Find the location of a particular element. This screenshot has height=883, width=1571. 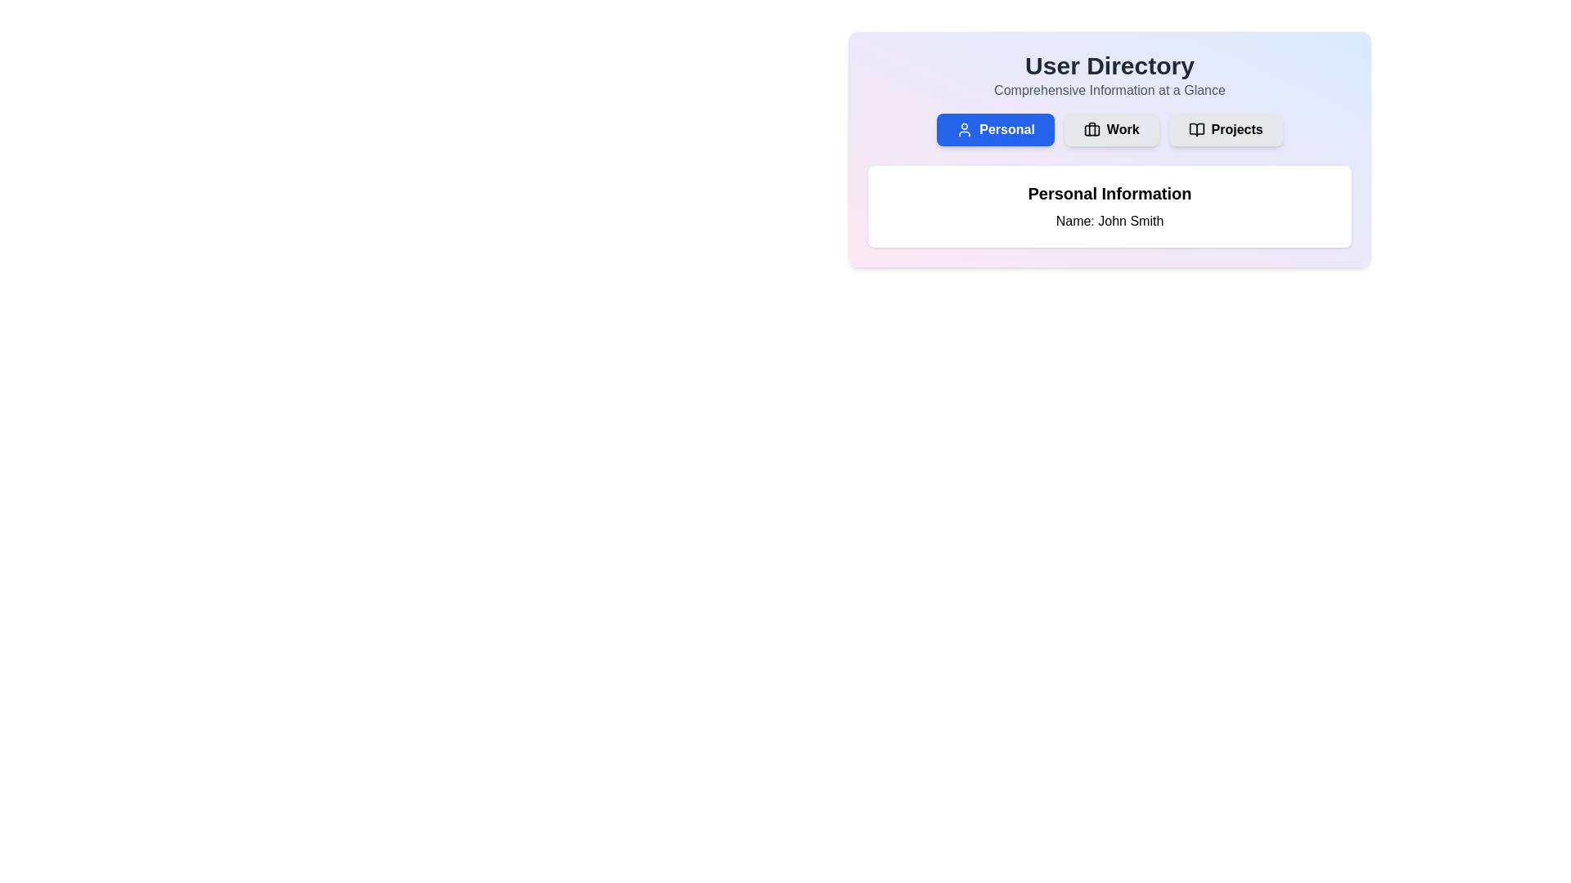

the 'Work' icon which visually represents the 'Work' functionality, located on the left side of the 'Work' button is located at coordinates (1092, 128).